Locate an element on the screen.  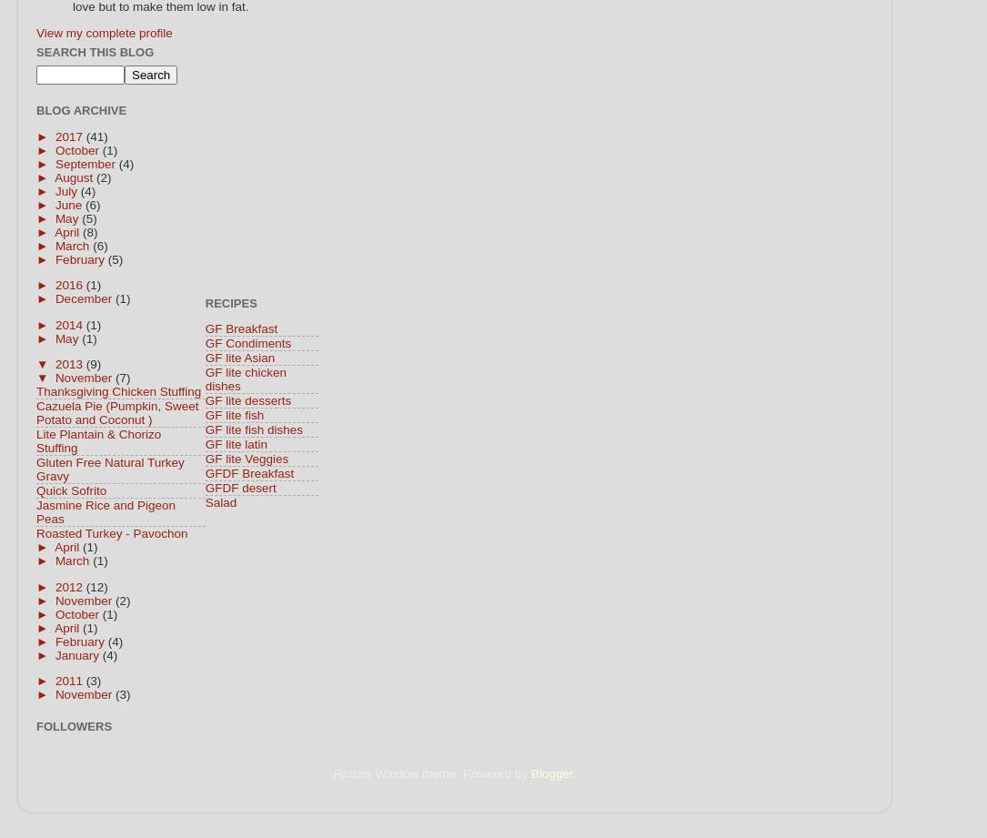
'June' is located at coordinates (55, 203).